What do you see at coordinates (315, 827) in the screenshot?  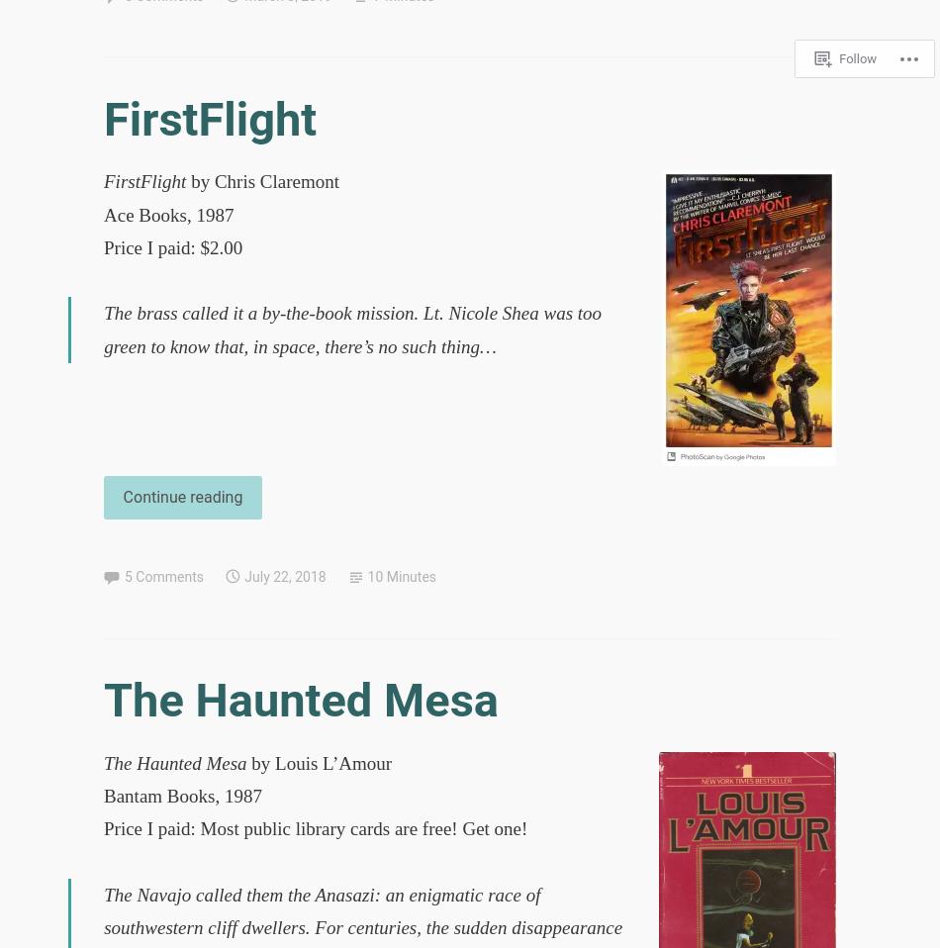 I see `'Price I paid: Most public library cards are free! Get one!'` at bounding box center [315, 827].